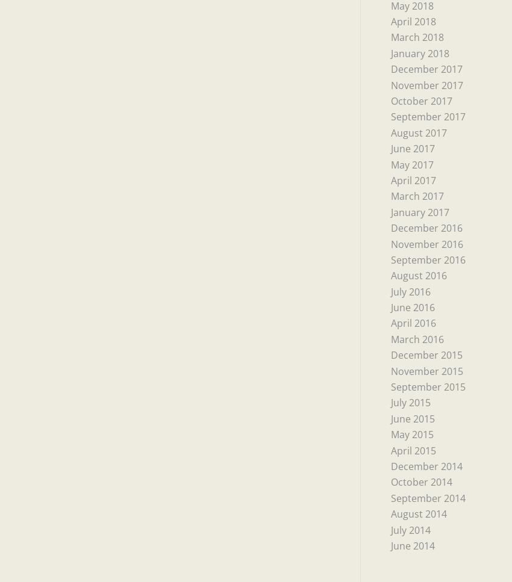 The height and width of the screenshot is (582, 512). What do you see at coordinates (390, 354) in the screenshot?
I see `'December 2015'` at bounding box center [390, 354].